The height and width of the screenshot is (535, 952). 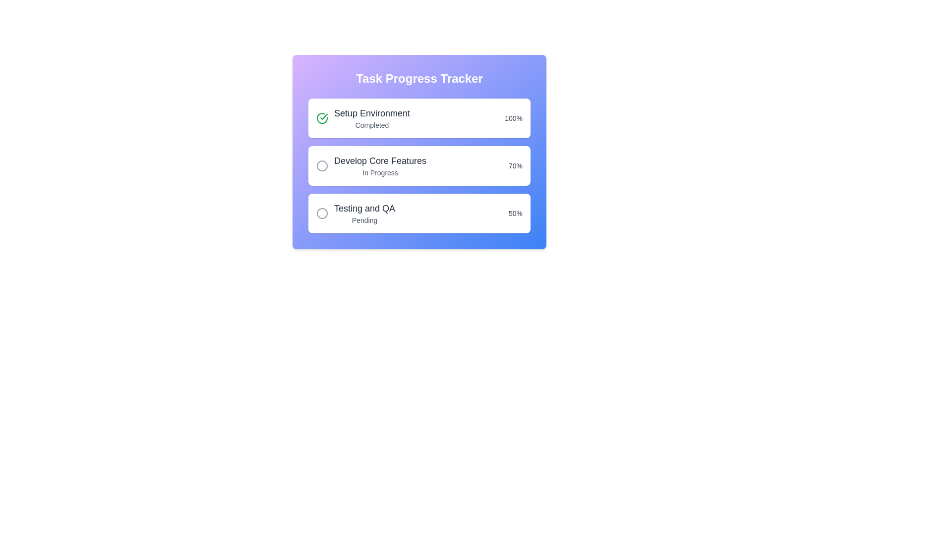 What do you see at coordinates (516, 213) in the screenshot?
I see `the static text label displaying '50%' located at the bottom right corner of the 'Testing and QA - Pending' card` at bounding box center [516, 213].